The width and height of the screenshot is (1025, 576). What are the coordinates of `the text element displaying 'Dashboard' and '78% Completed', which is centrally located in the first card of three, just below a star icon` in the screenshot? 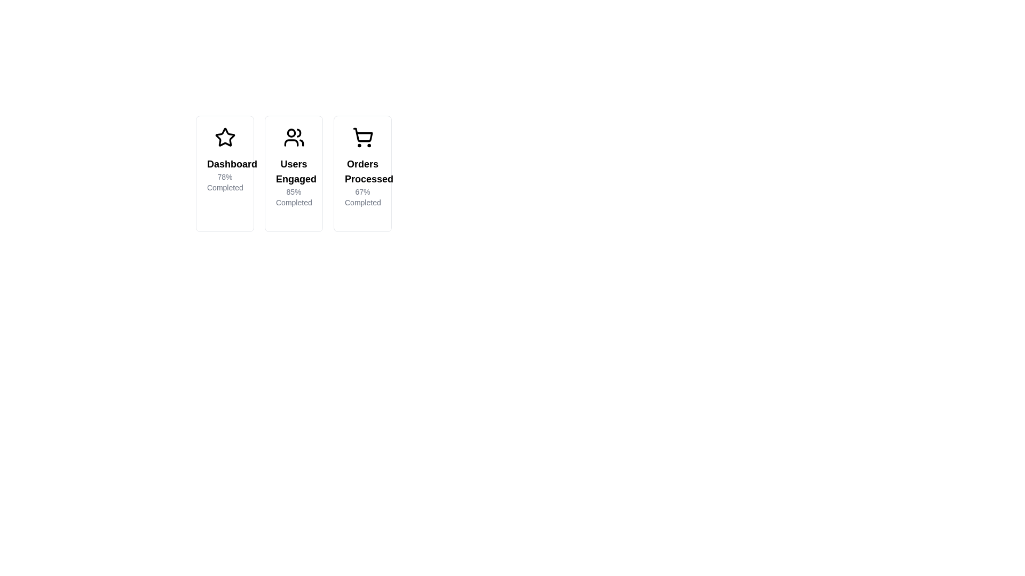 It's located at (224, 174).